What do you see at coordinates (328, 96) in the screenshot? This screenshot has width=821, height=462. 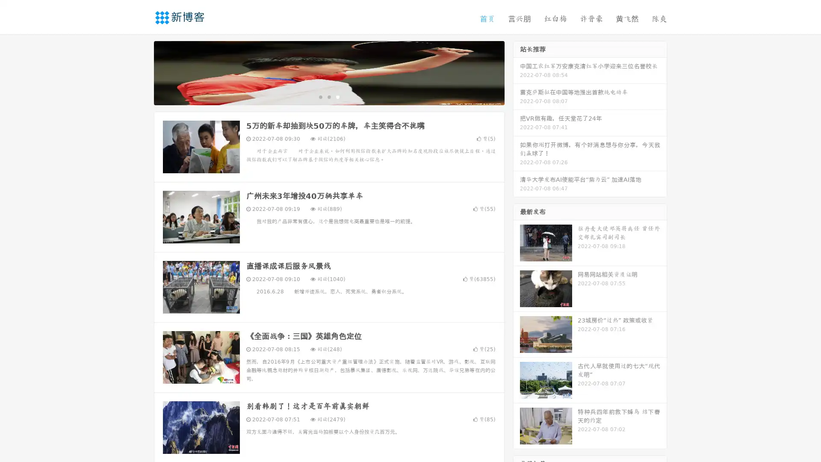 I see `Go to slide 2` at bounding box center [328, 96].